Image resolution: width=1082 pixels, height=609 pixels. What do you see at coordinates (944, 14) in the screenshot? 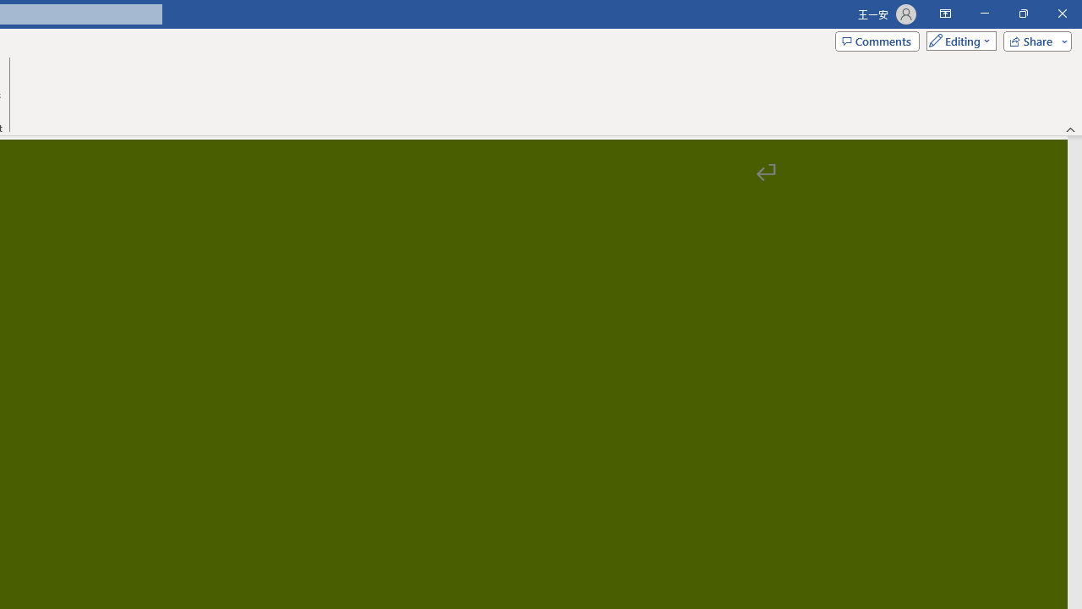
I see `'Ribbon Display Options'` at bounding box center [944, 14].